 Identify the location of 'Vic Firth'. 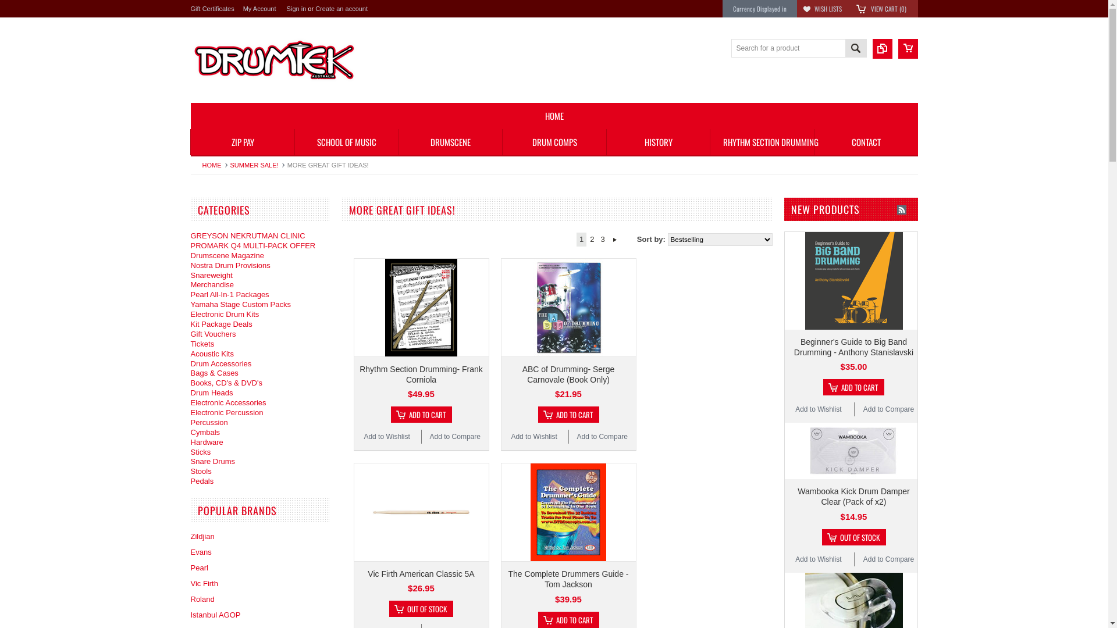
(204, 583).